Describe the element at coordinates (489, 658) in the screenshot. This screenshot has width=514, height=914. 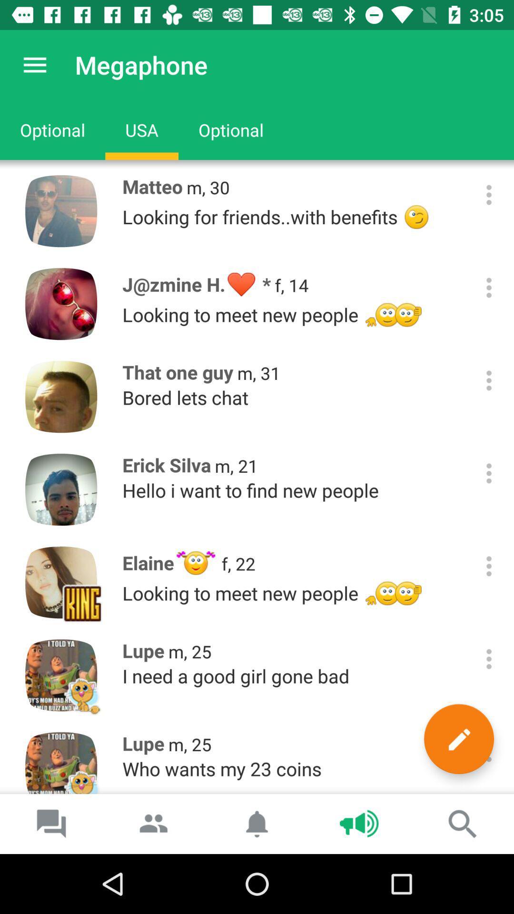
I see `options for lupe` at that location.